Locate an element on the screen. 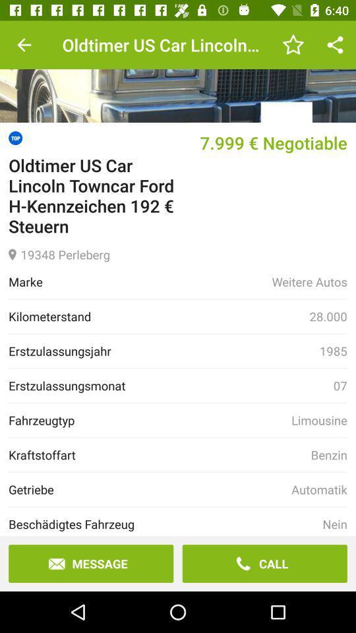 This screenshot has height=633, width=356. item above weitere autos item is located at coordinates (178, 253).